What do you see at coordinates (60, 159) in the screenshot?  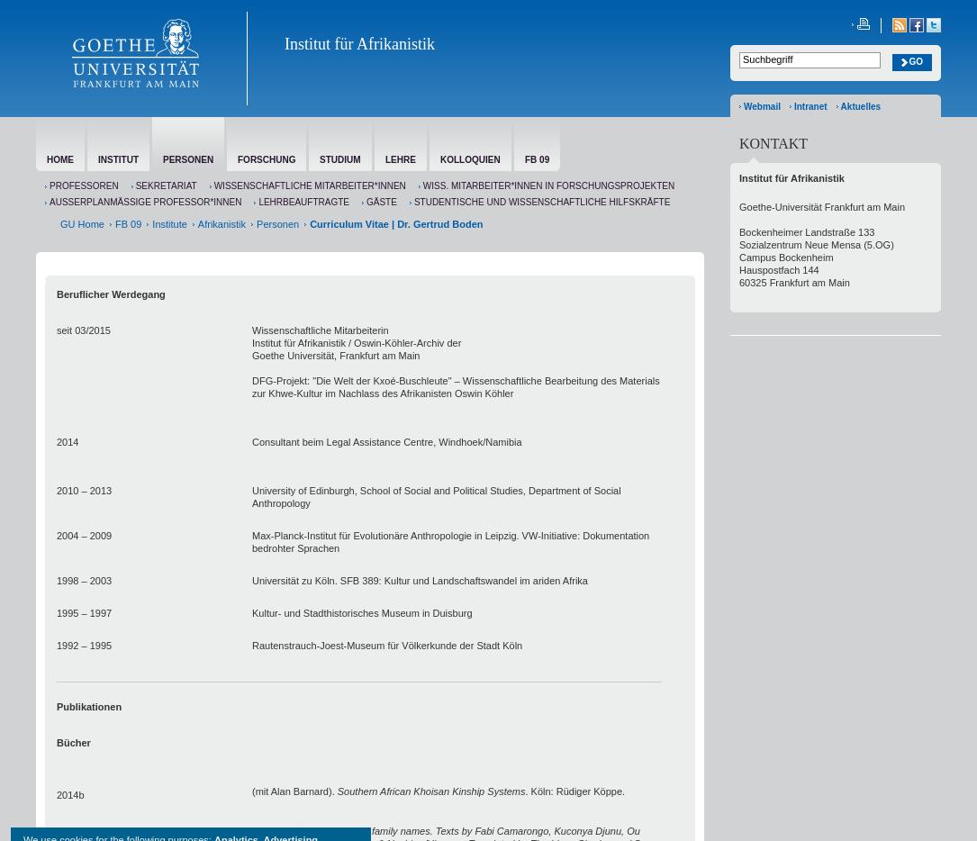 I see `'Home'` at bounding box center [60, 159].